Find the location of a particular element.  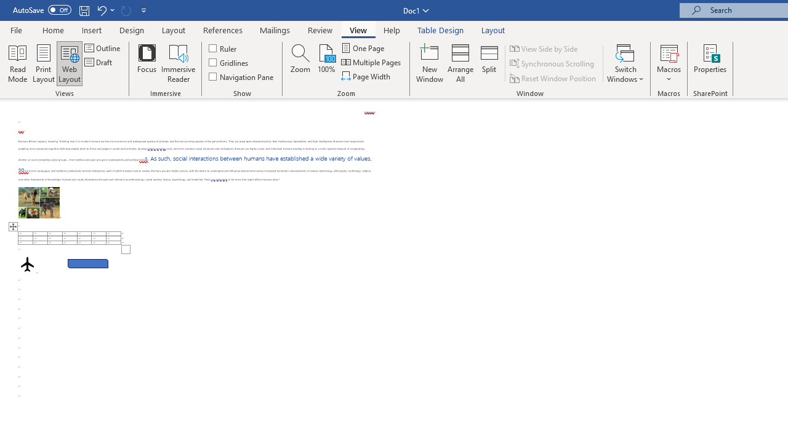

'Focus' is located at coordinates (147, 63).